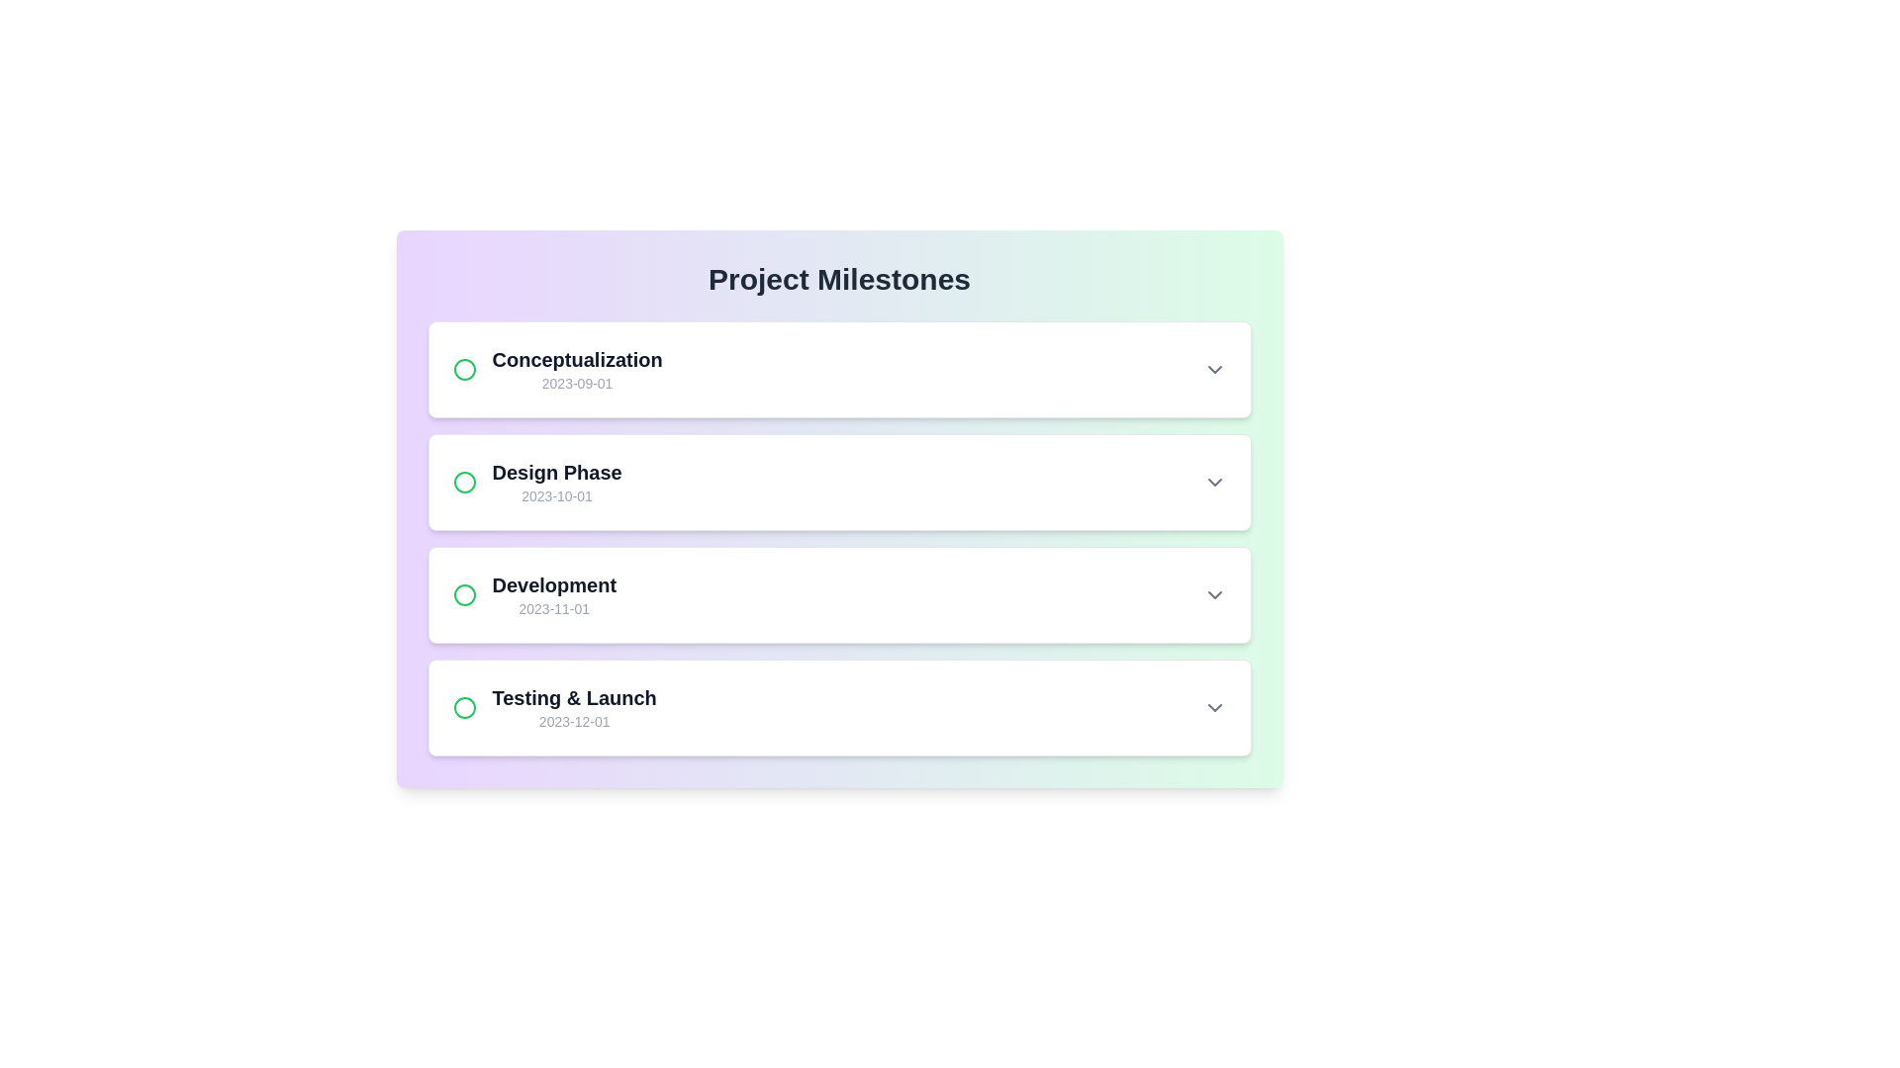 This screenshot has width=1900, height=1068. What do you see at coordinates (463, 707) in the screenshot?
I see `the circular status indicator icon located in the fourth row of the 'Project Milestones' list, immediately to the left of 'Testing & Launch'` at bounding box center [463, 707].